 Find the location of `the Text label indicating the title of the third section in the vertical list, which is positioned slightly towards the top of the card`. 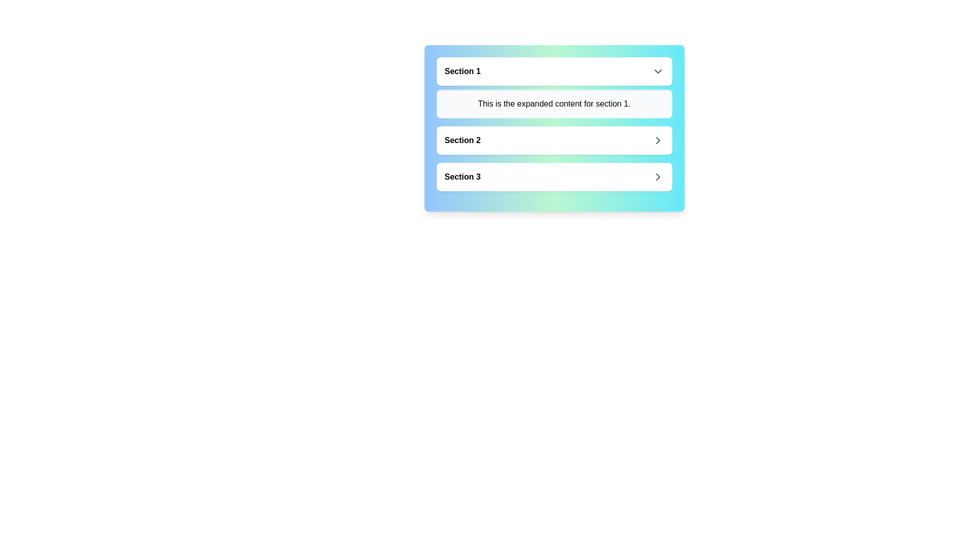

the Text label indicating the title of the third section in the vertical list, which is positioned slightly towards the top of the card is located at coordinates (462, 176).